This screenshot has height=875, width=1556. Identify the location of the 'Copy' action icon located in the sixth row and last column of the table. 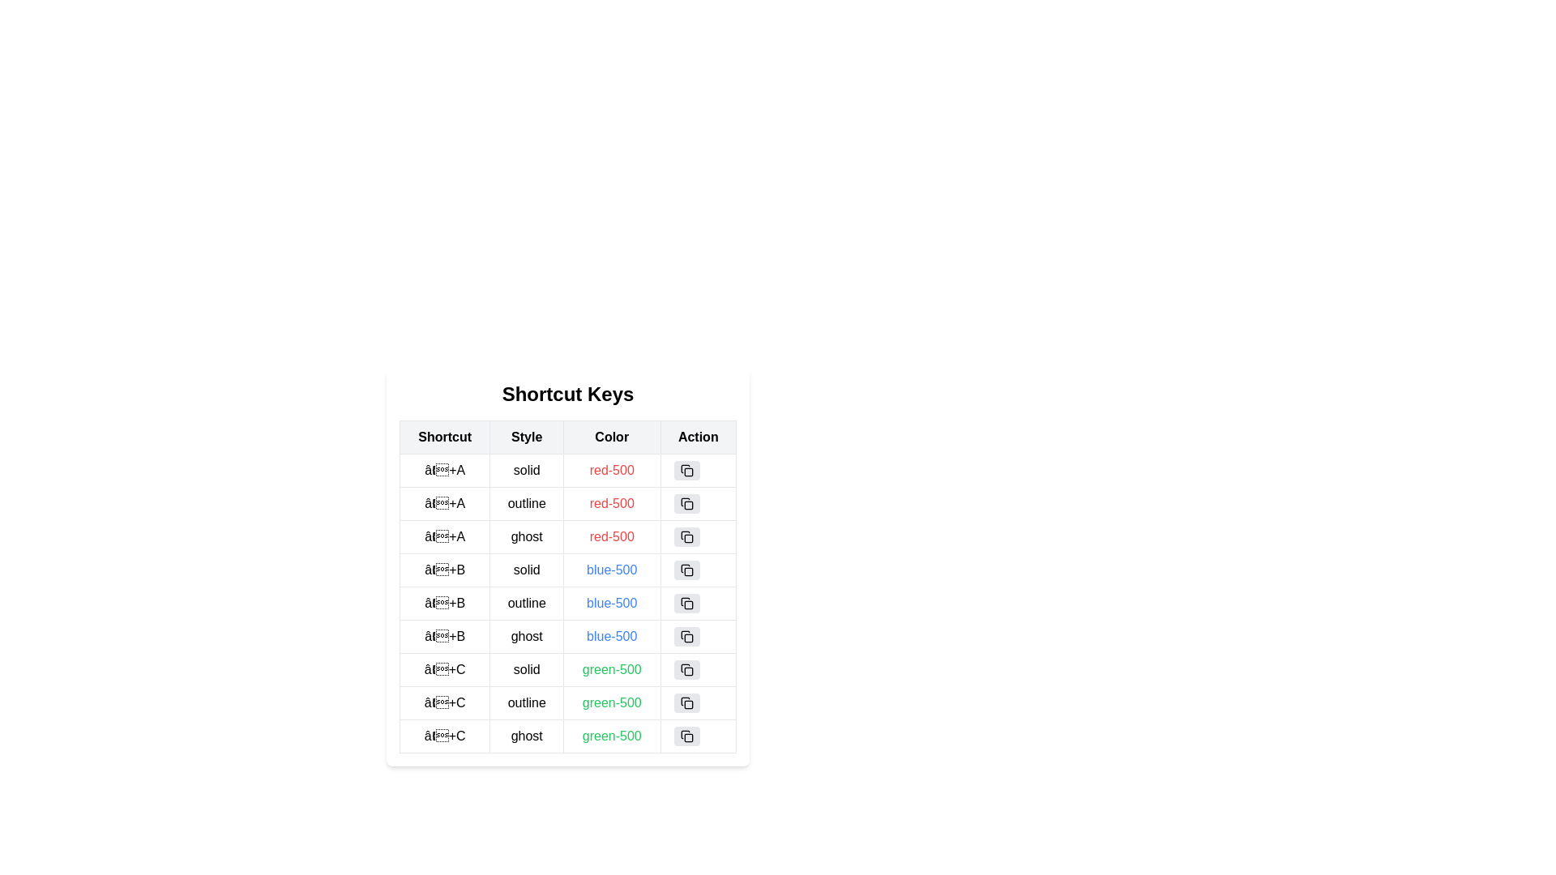
(686, 702).